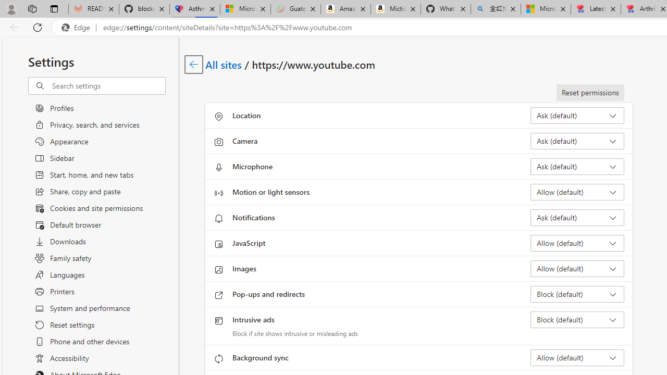 The image size is (667, 375). What do you see at coordinates (576, 141) in the screenshot?
I see `'Camera Ask (default)'` at bounding box center [576, 141].